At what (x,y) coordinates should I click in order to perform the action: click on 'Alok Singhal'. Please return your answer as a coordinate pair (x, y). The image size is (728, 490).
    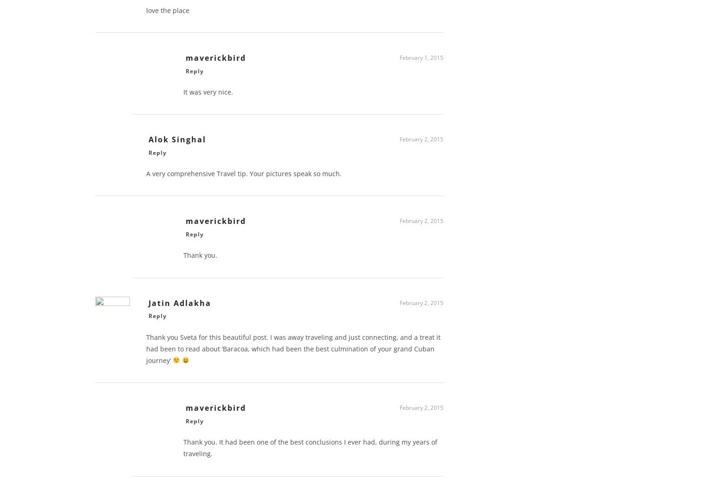
    Looking at the image, I should click on (177, 143).